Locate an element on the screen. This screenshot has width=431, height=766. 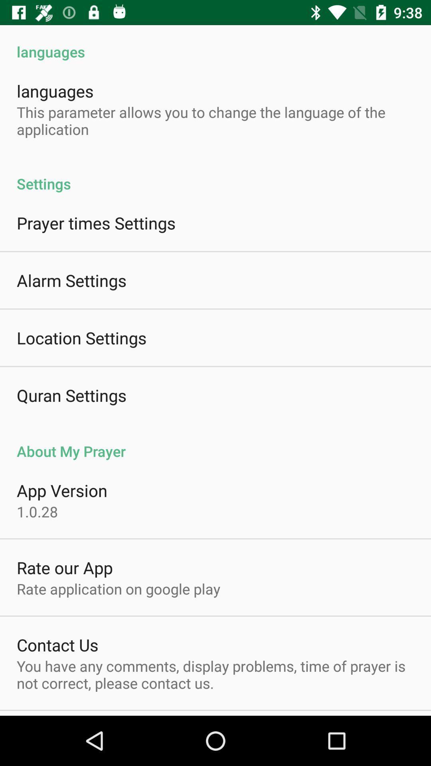
the icon above rate our app item is located at coordinates (37, 511).